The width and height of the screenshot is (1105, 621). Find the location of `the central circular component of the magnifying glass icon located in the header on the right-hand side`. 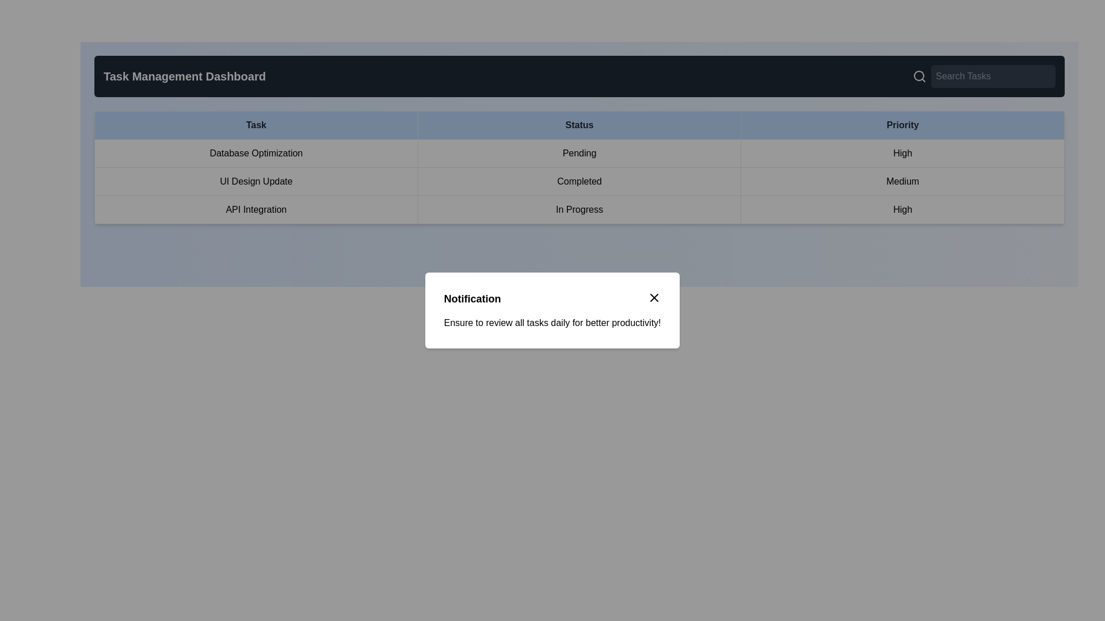

the central circular component of the magnifying glass icon located in the header on the right-hand side is located at coordinates (919, 75).